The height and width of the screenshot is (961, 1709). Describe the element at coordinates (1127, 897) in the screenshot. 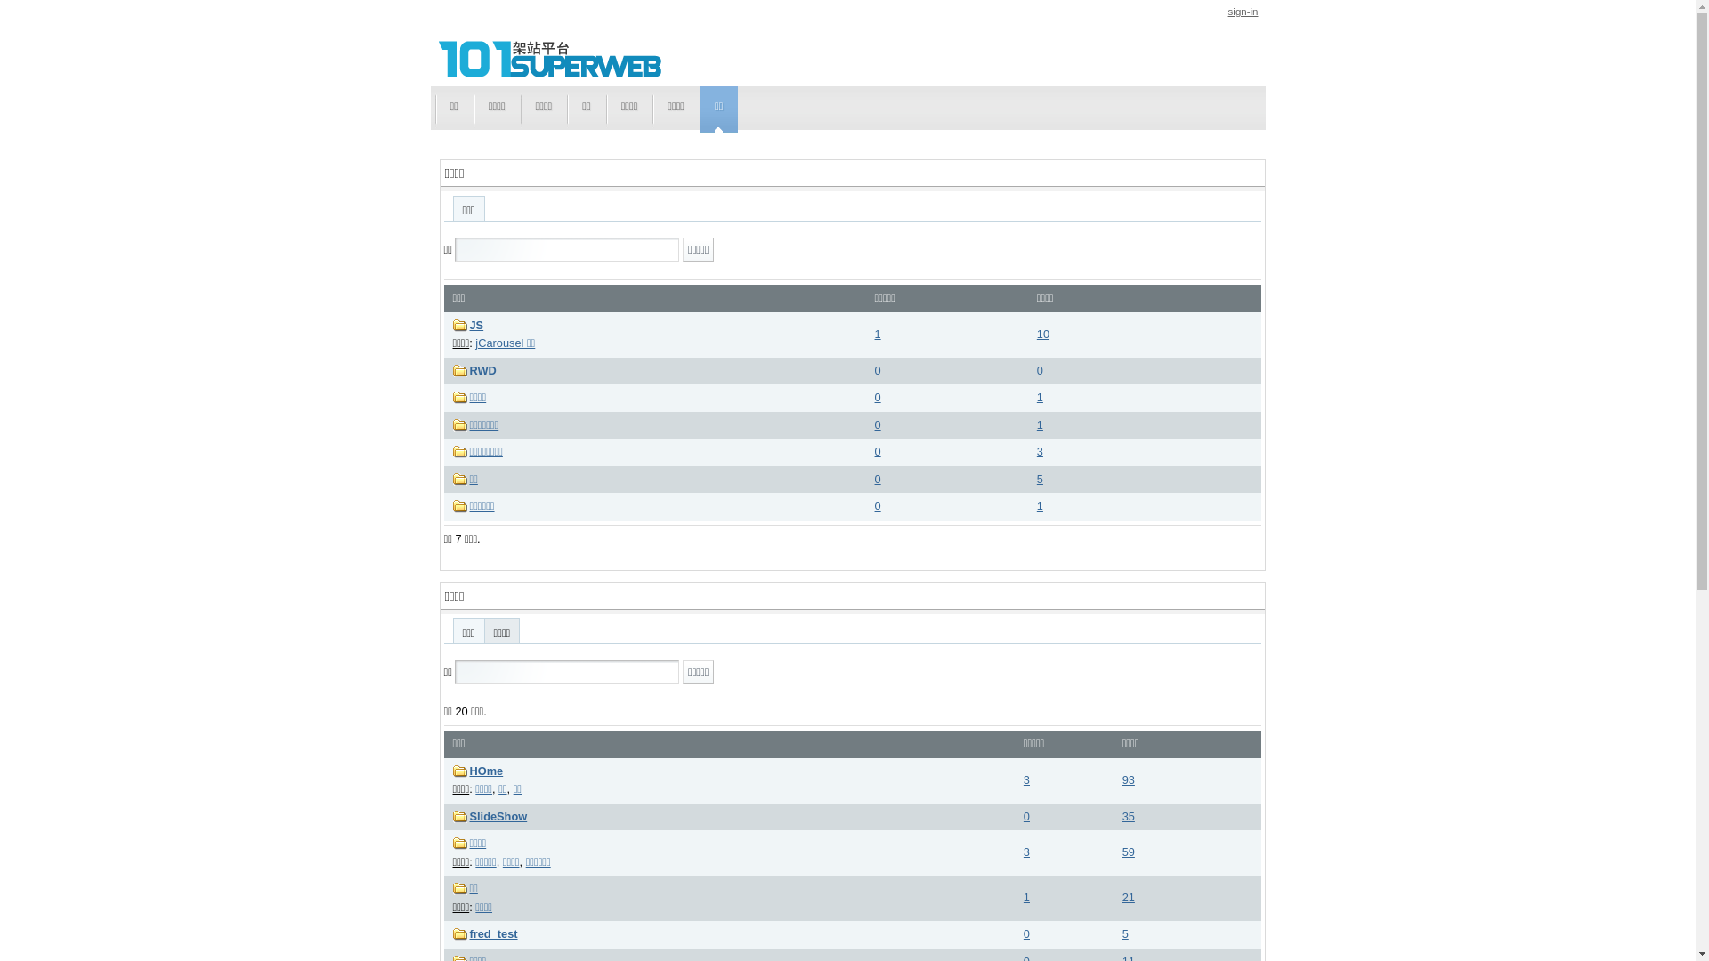

I see `'21'` at that location.